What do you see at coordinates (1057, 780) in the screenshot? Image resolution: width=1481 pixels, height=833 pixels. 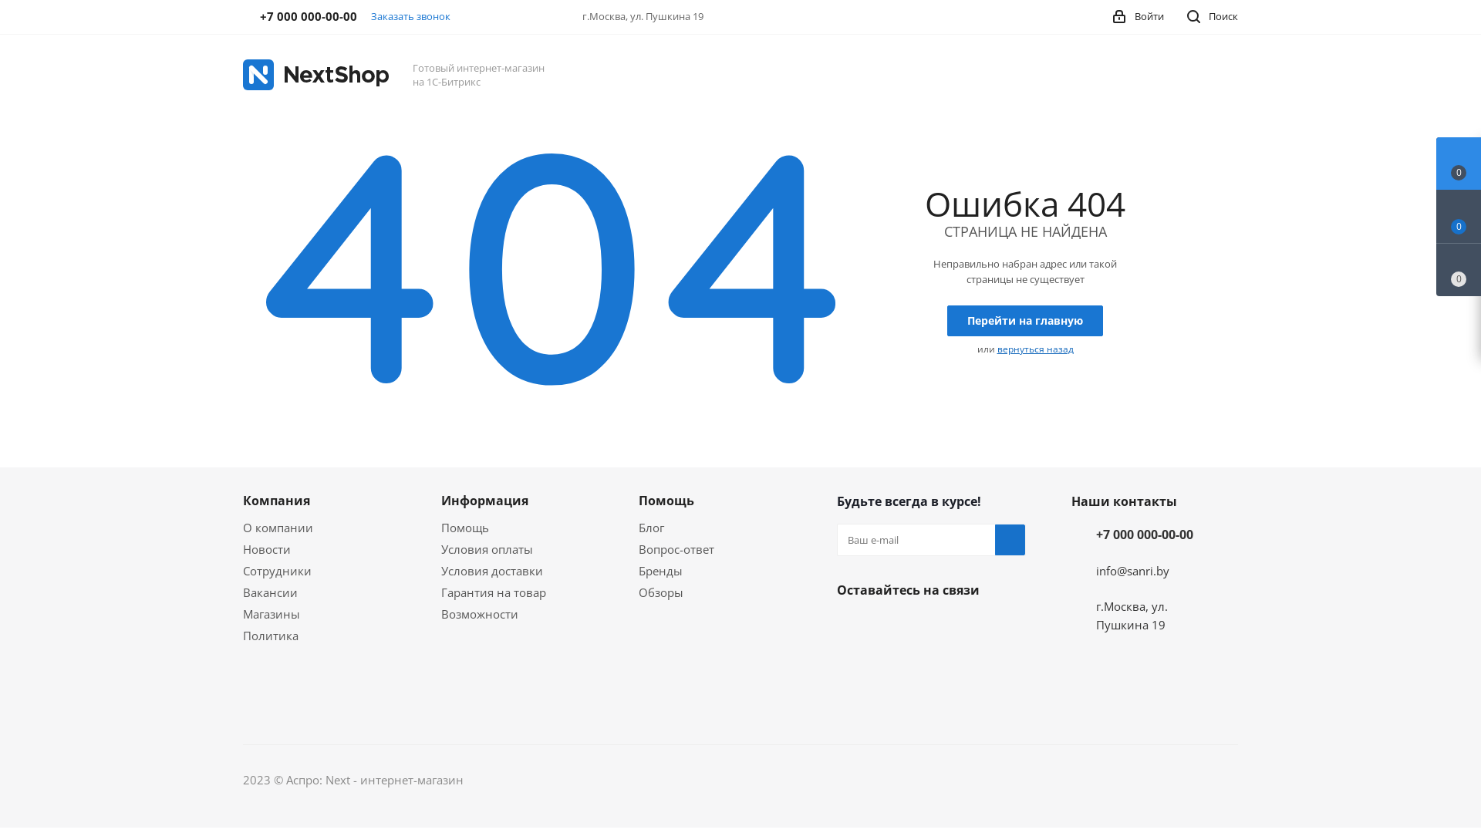 I see `'Visa'` at bounding box center [1057, 780].